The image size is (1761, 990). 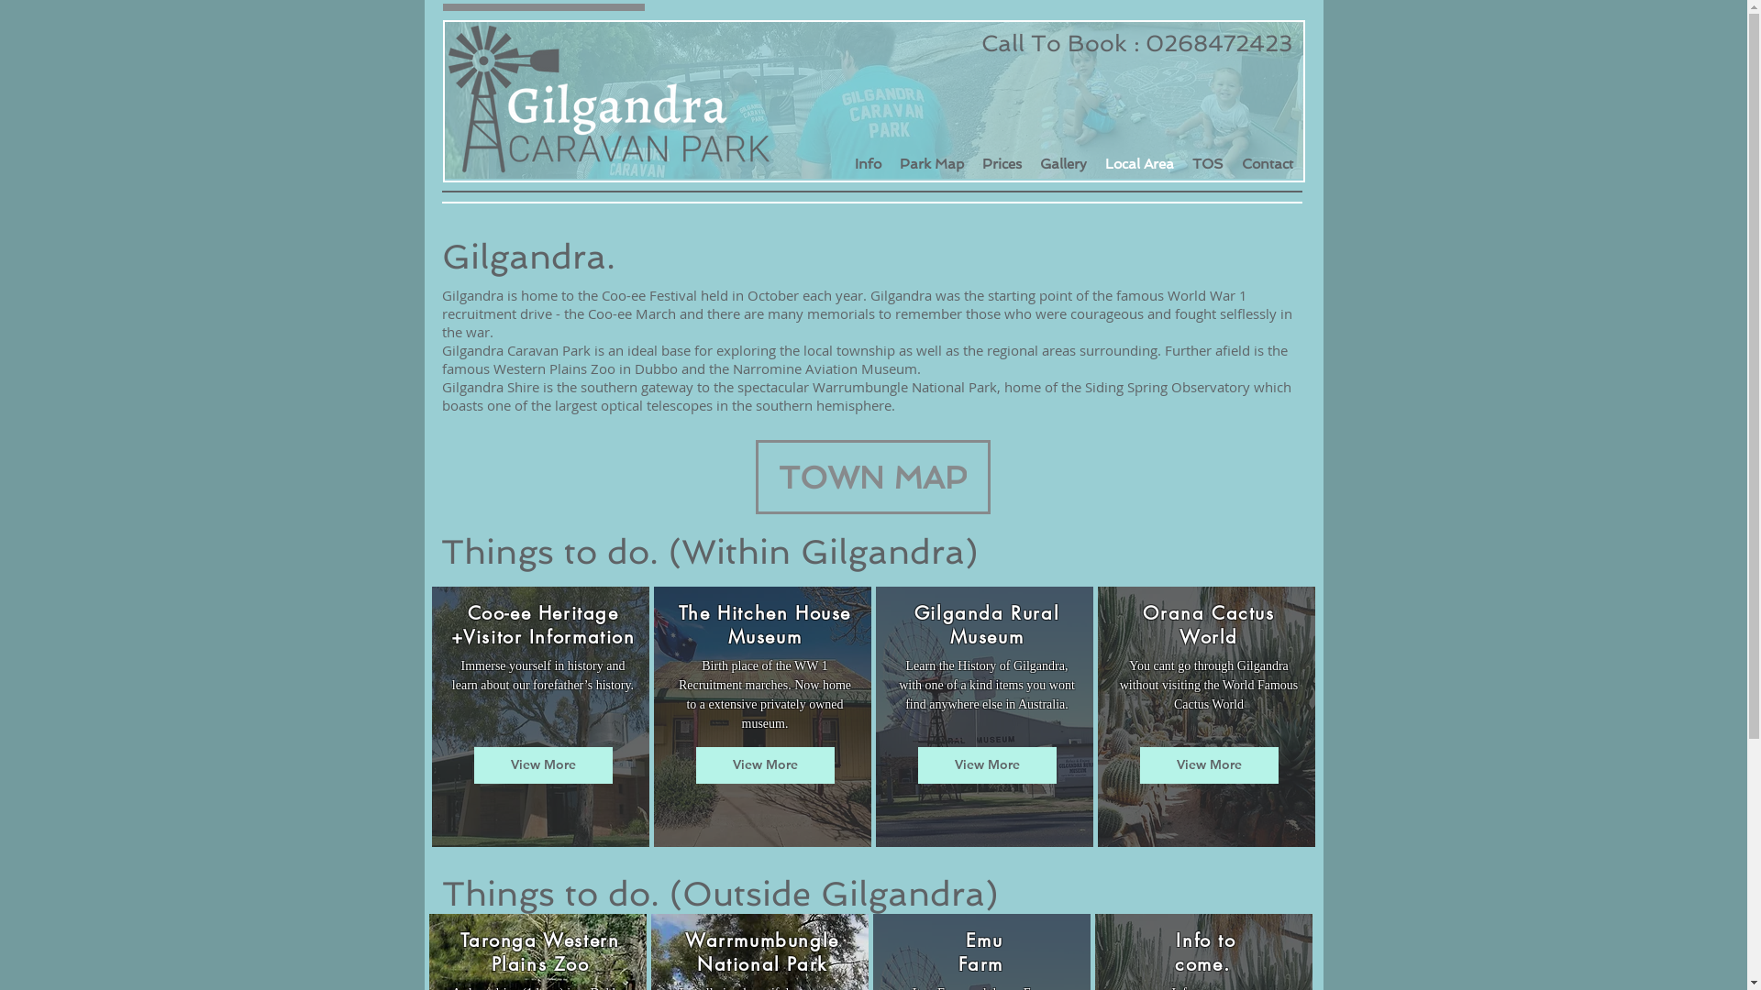 I want to click on 'Gallery', so click(x=1063, y=162).